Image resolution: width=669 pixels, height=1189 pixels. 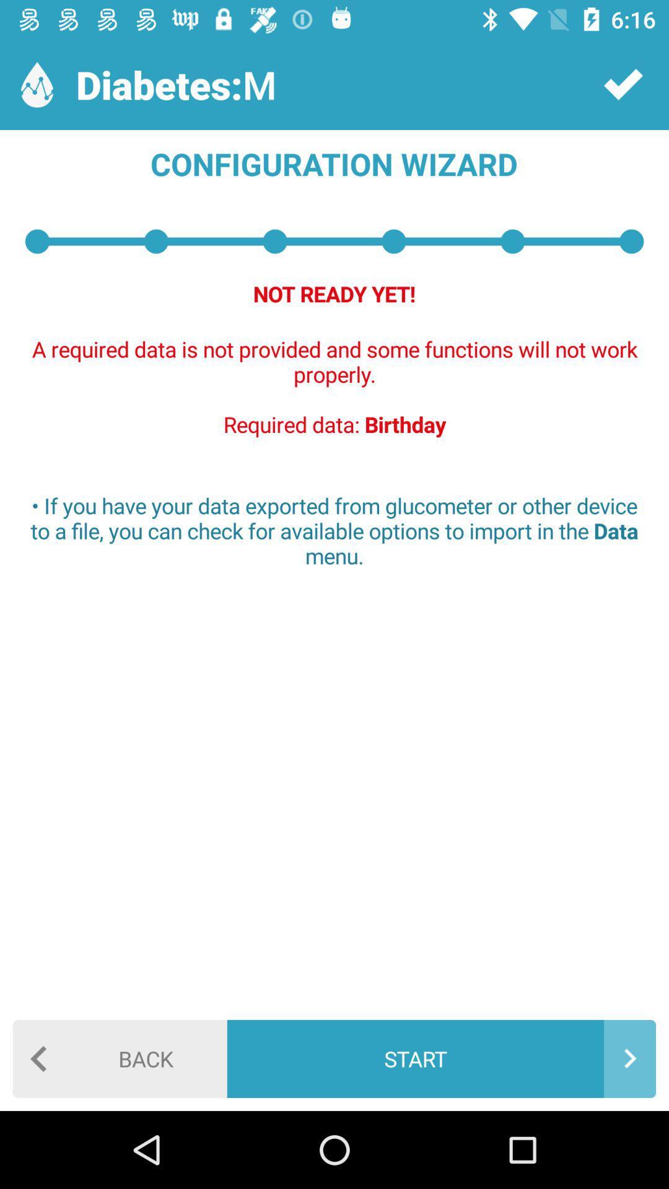 I want to click on icon at the bottom left corner, so click(x=120, y=1058).